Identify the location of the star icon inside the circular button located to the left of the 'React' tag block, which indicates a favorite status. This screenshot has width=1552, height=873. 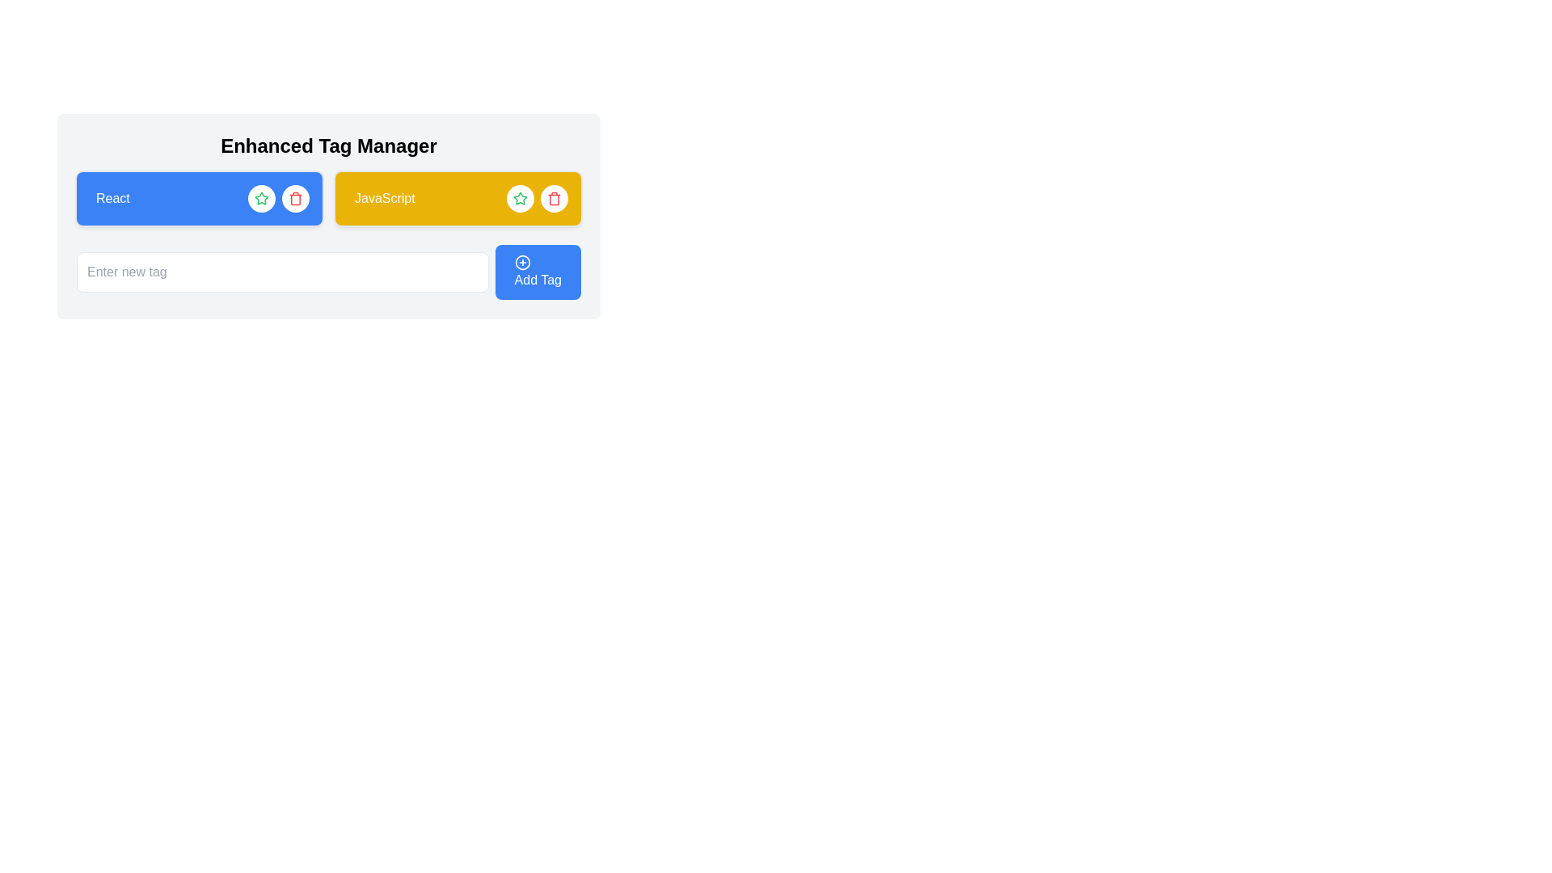
(520, 198).